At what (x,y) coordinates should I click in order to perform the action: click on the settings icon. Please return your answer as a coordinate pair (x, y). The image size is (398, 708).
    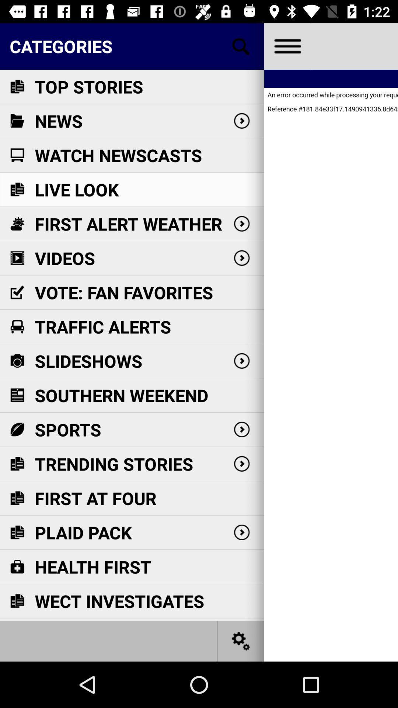
    Looking at the image, I should click on (241, 641).